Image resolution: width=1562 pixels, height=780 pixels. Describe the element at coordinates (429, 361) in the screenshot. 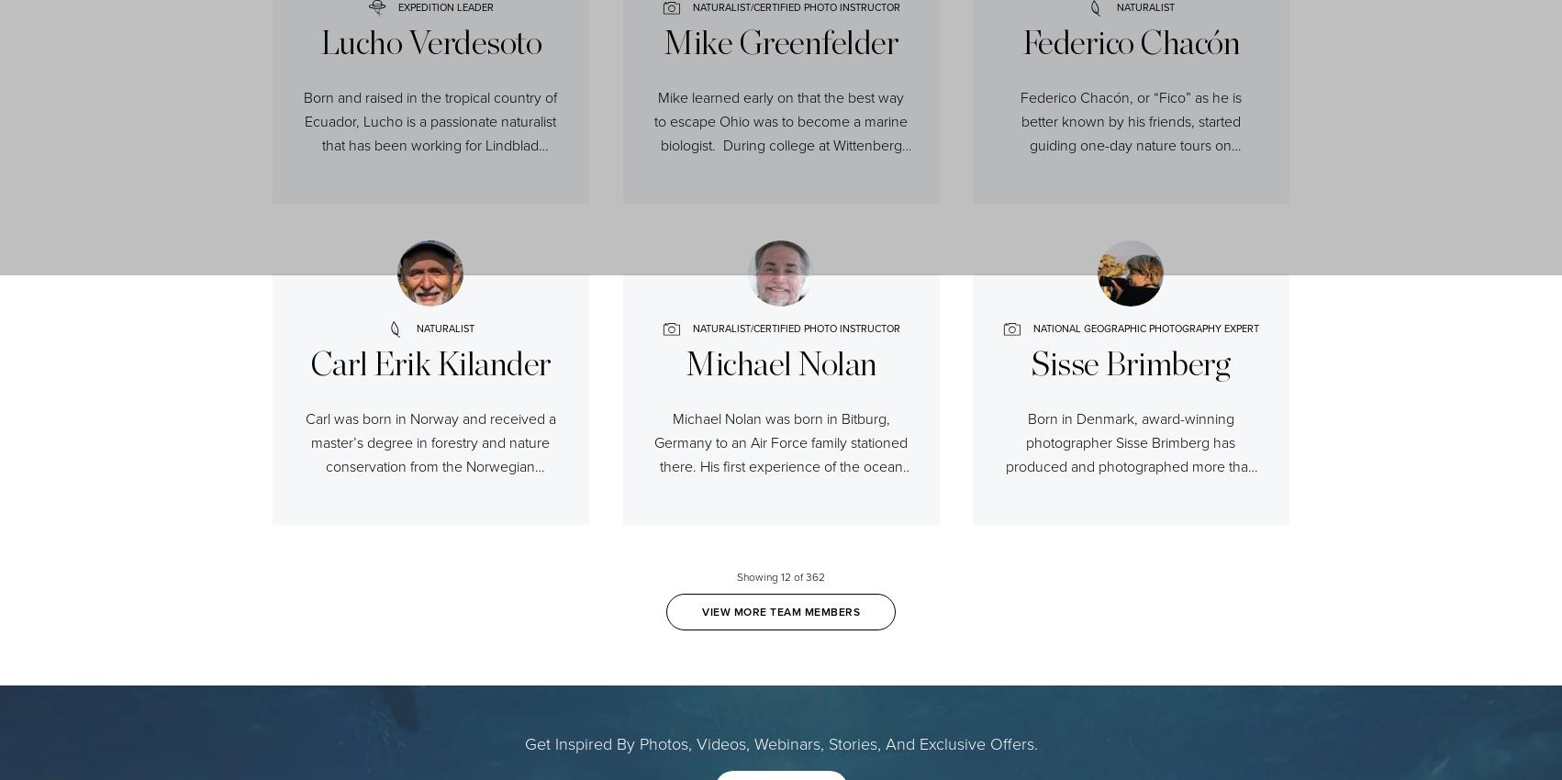

I see `'Carl Erik Kilander'` at that location.